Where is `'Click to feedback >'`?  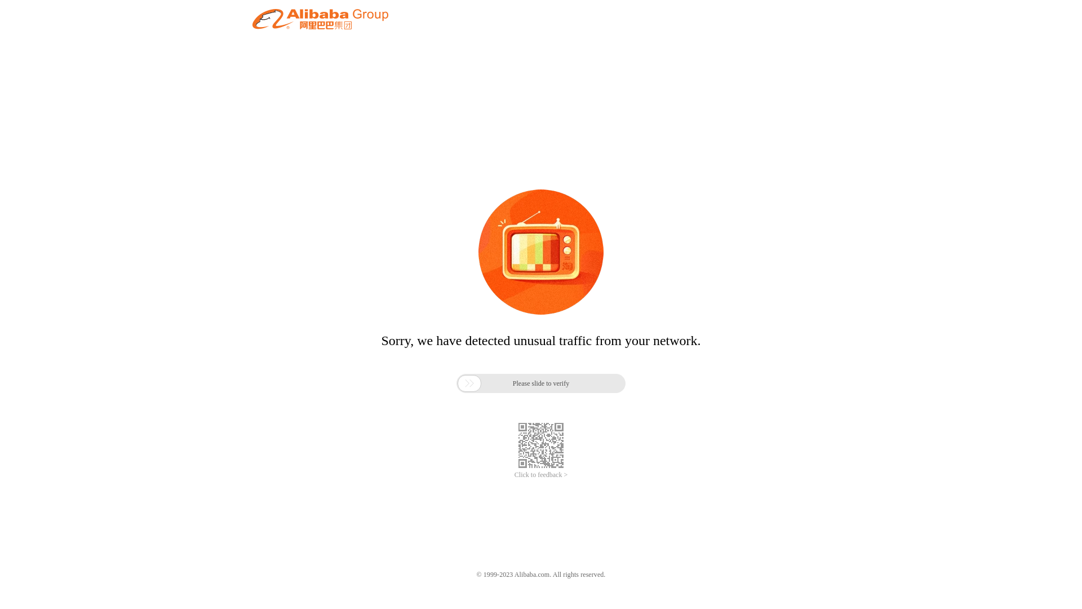
'Click to feedback >' is located at coordinates (513, 475).